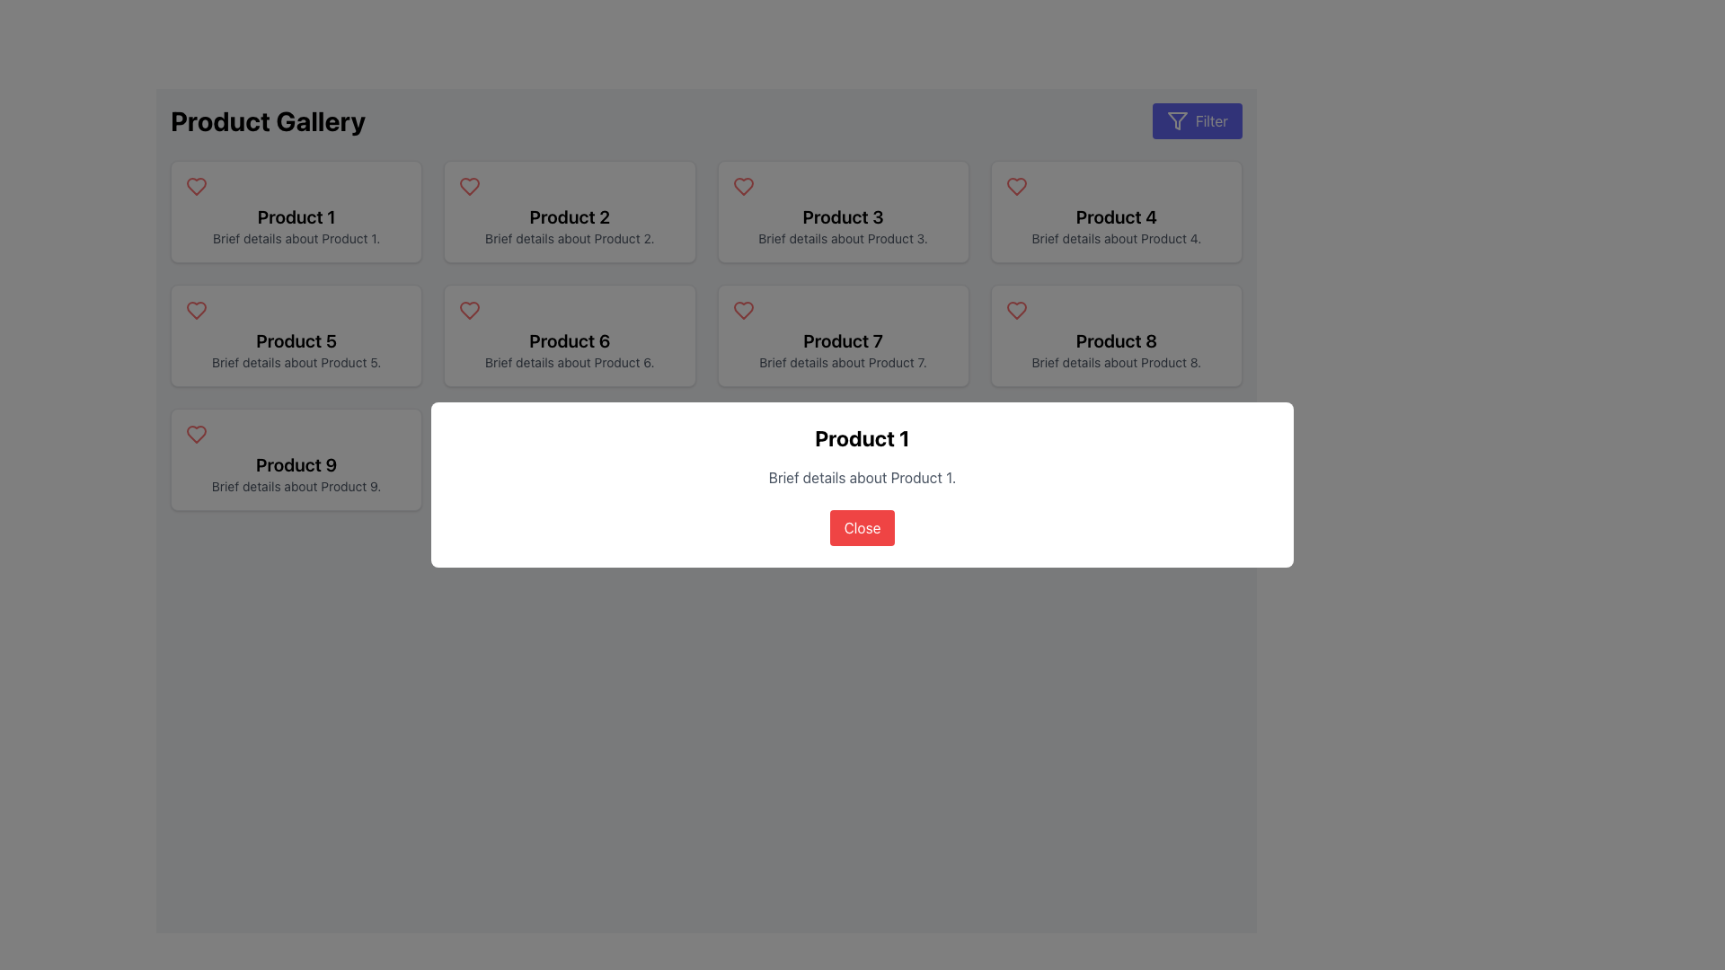  Describe the element at coordinates (862, 438) in the screenshot. I see `the heading element that serves as the title for the content, positioned above the description text and the 'Close' button` at that location.